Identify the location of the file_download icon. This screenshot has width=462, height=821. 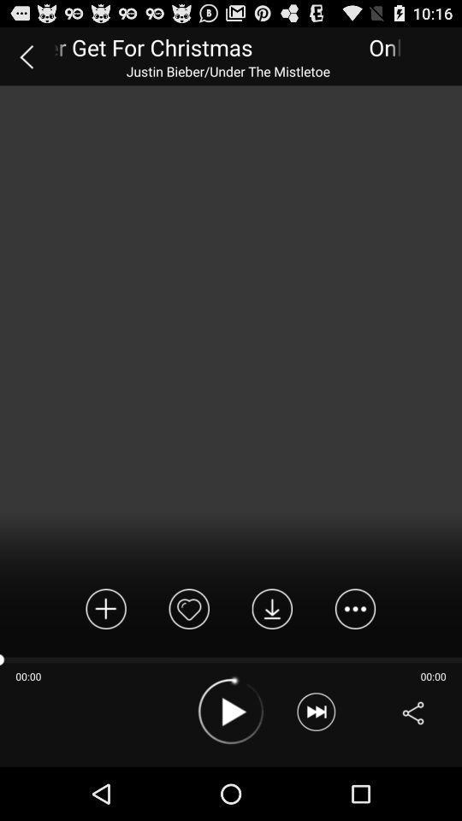
(272, 651).